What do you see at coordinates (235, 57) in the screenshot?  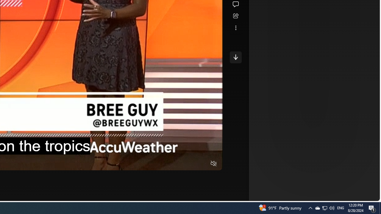 I see `'AutomationID: e5rZOEMGacU1'` at bounding box center [235, 57].